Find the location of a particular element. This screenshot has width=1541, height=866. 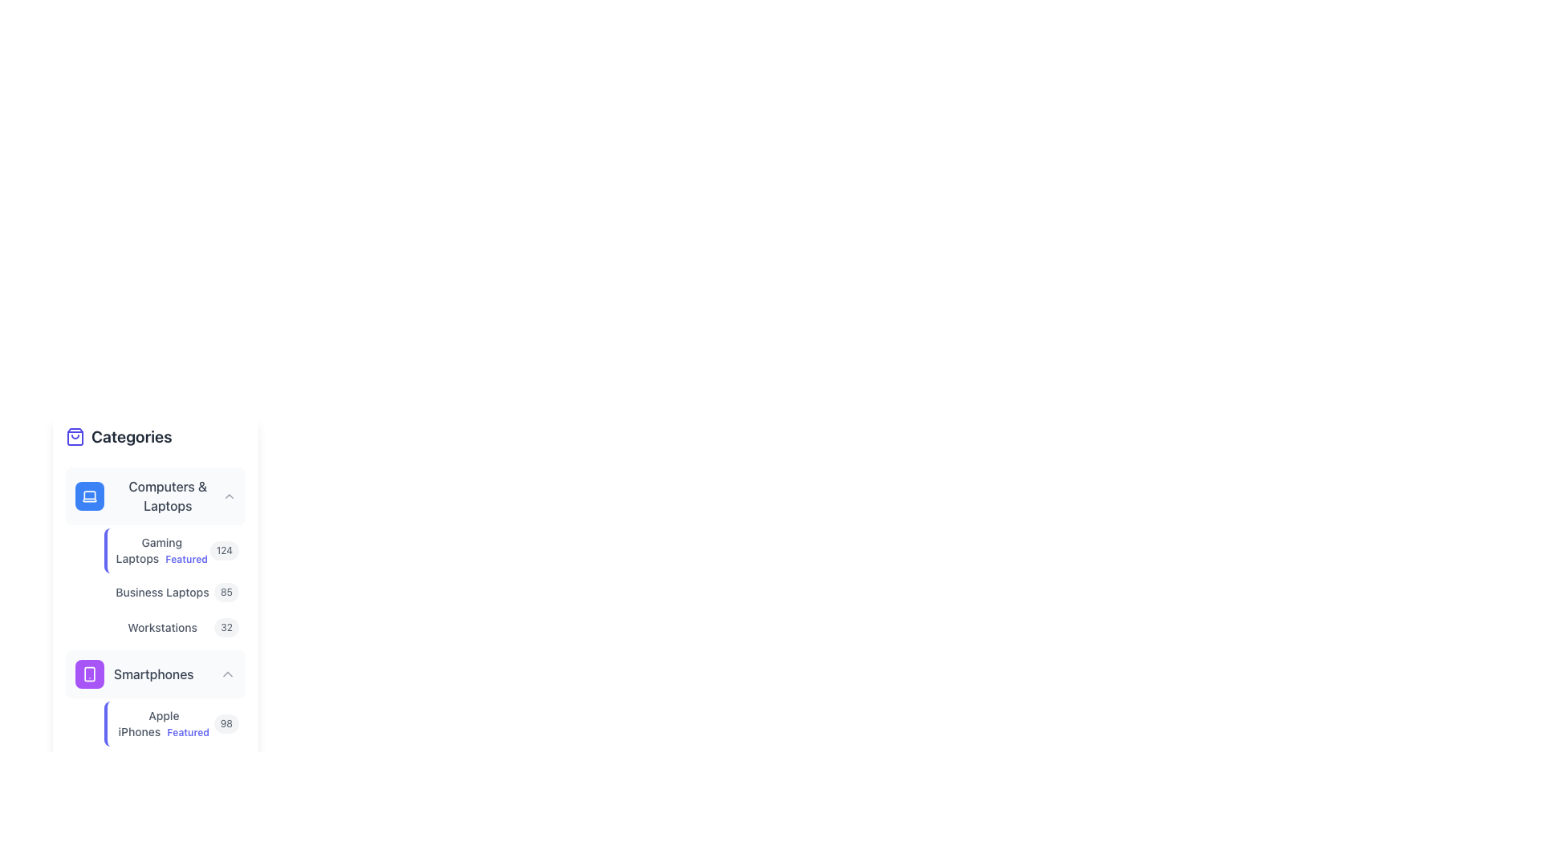

the 'Featured' label indicating 'Apple iPhones' in the lower right section under the 'Smartphones' category is located at coordinates (188, 732).